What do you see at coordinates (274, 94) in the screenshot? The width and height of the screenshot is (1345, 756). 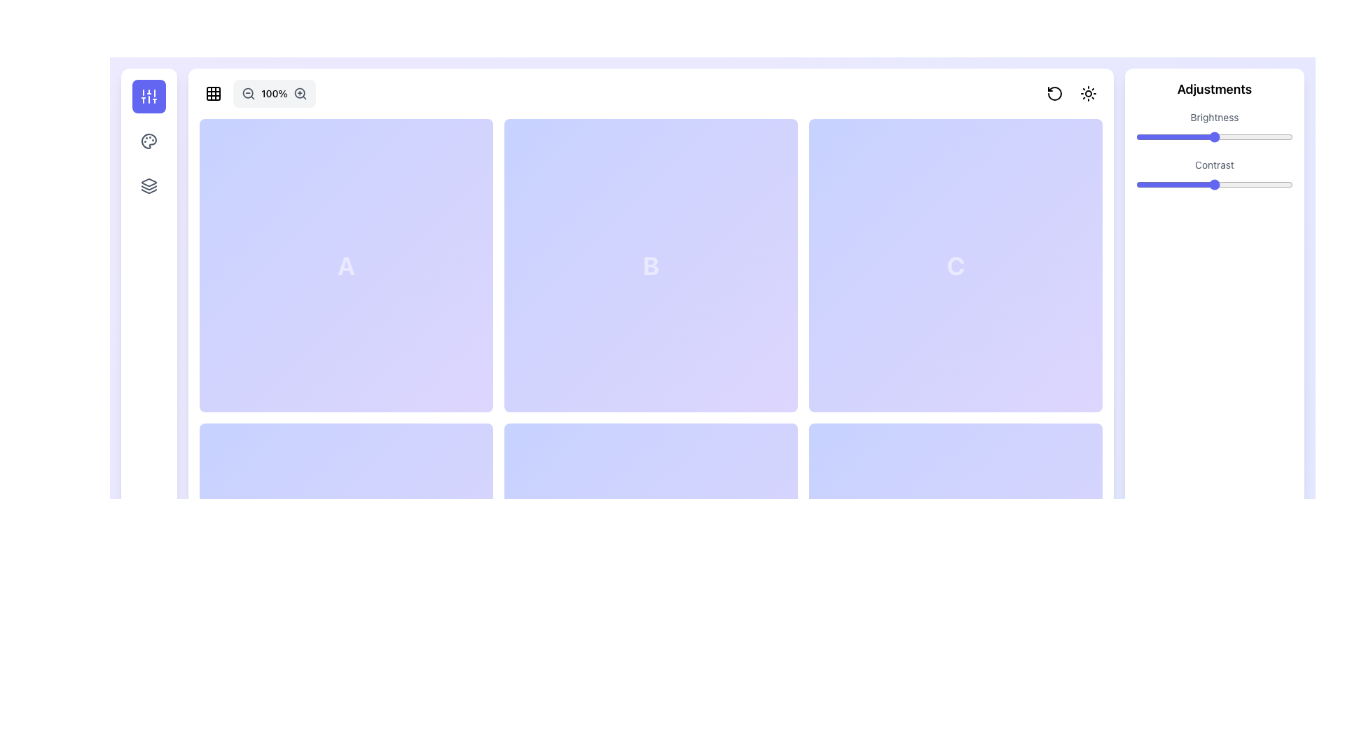 I see `the text label that displays the percentage value indicating the zoom or scaling level, located in the toolbar near the top-center of the interface` at bounding box center [274, 94].